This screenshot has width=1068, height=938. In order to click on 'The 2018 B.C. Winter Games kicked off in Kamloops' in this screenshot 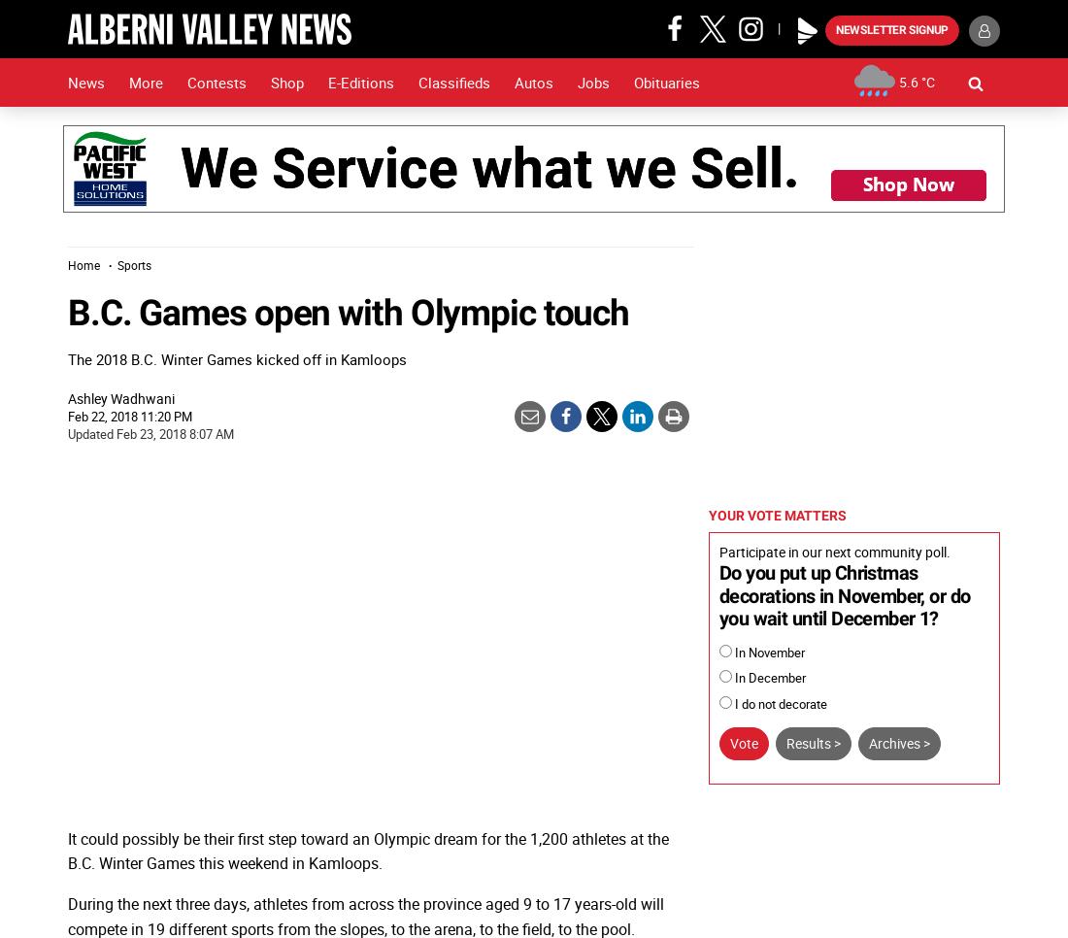, I will do `click(237, 357)`.